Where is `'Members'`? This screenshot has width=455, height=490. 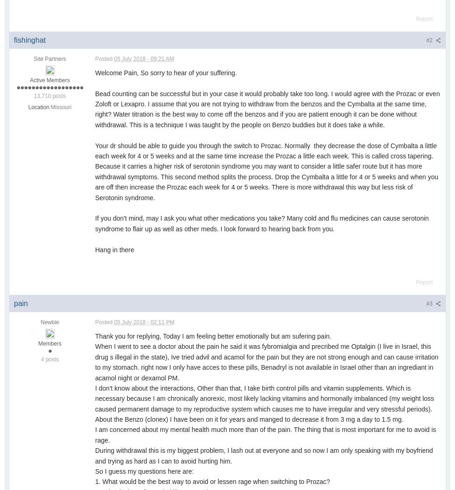
'Members' is located at coordinates (50, 343).